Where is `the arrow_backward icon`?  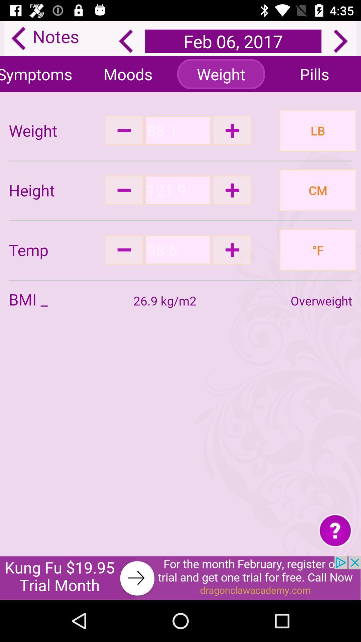
the arrow_backward icon is located at coordinates (126, 41).